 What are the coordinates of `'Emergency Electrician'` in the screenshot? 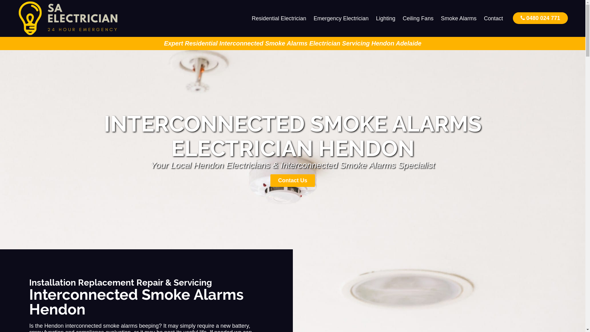 It's located at (340, 18).